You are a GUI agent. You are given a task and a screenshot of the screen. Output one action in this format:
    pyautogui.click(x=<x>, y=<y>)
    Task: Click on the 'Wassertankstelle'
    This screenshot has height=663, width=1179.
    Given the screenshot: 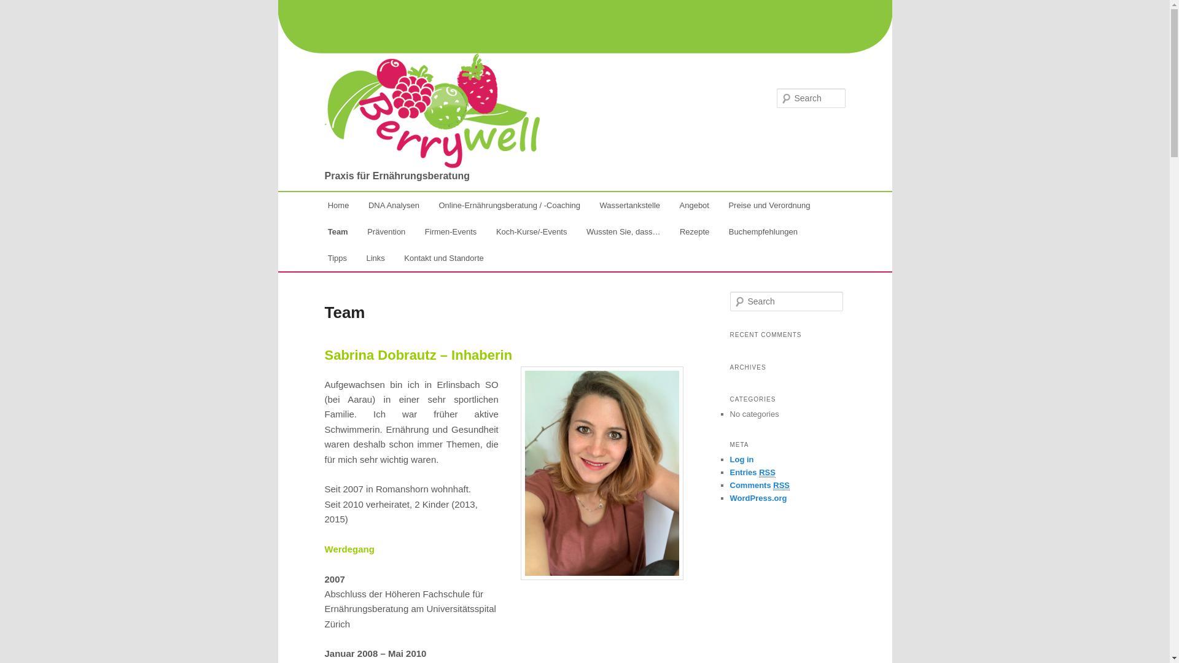 What is the action you would take?
    pyautogui.click(x=630, y=204)
    